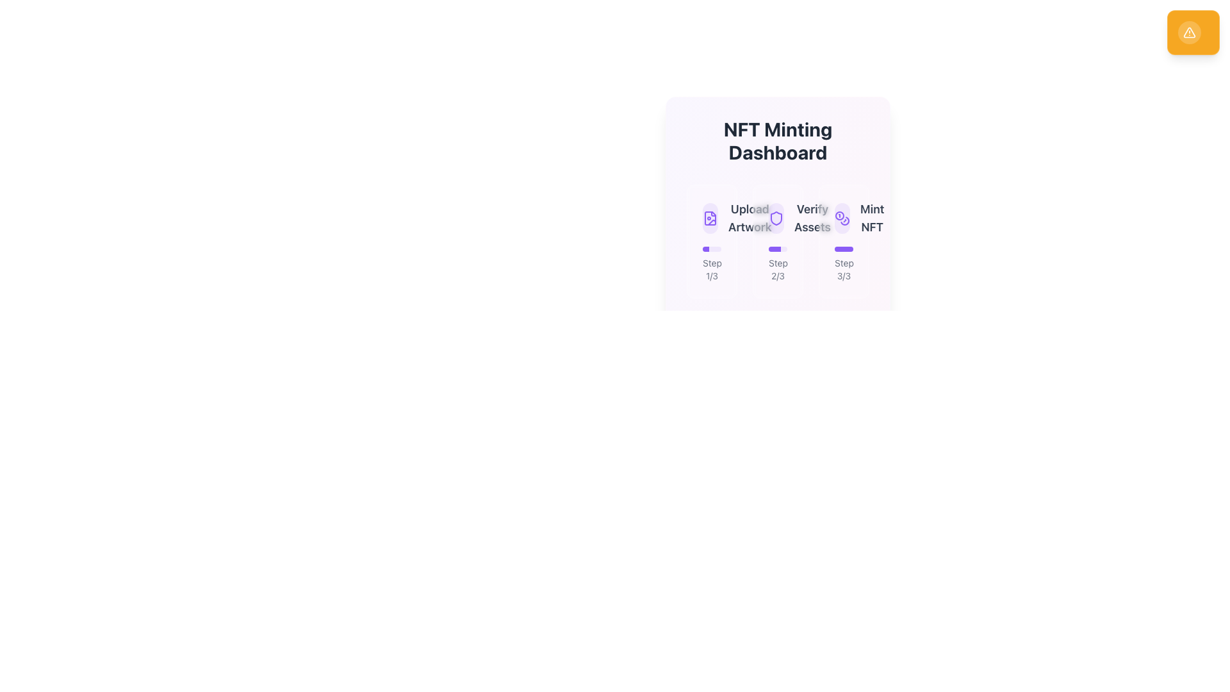  Describe the element at coordinates (844, 249) in the screenshot. I see `the progress bar indicating 'Step 3/3', which visually represents near completion of the process` at that location.